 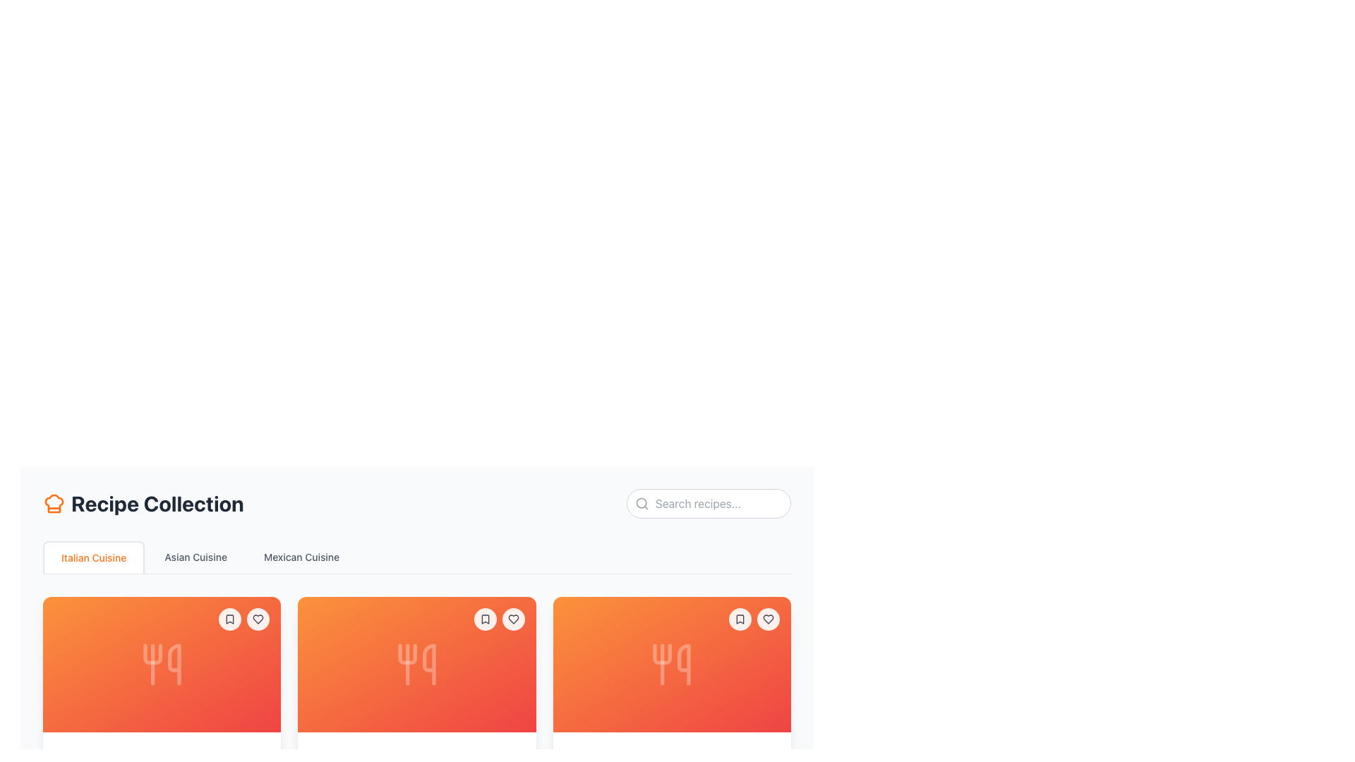 What do you see at coordinates (485, 619) in the screenshot?
I see `the bookmark icon button located in the top-right corner of the second recipe card` at bounding box center [485, 619].